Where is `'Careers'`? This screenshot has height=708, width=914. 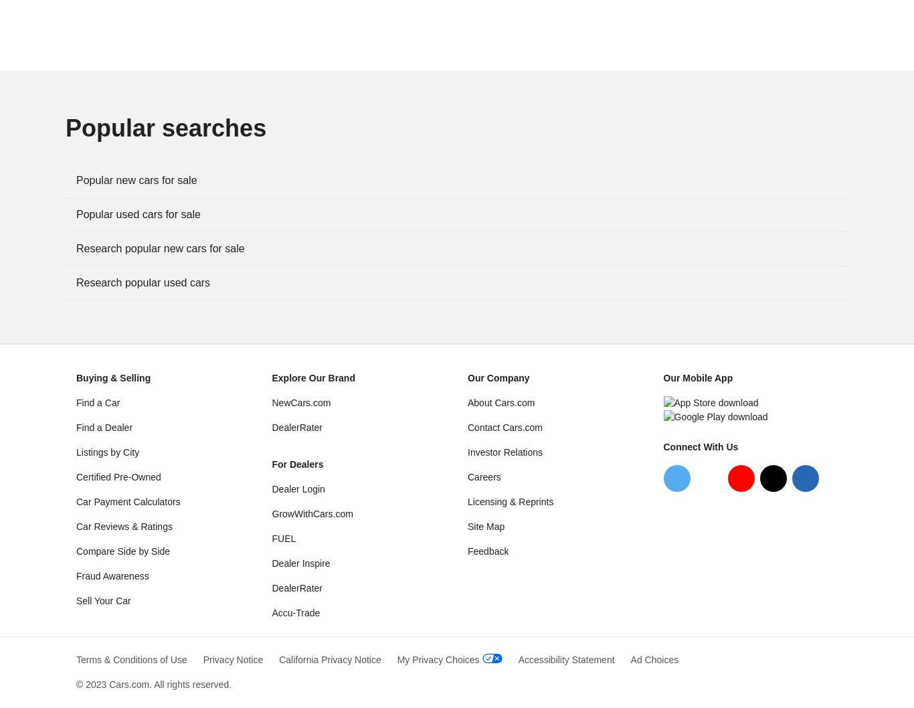
'Careers' is located at coordinates (484, 476).